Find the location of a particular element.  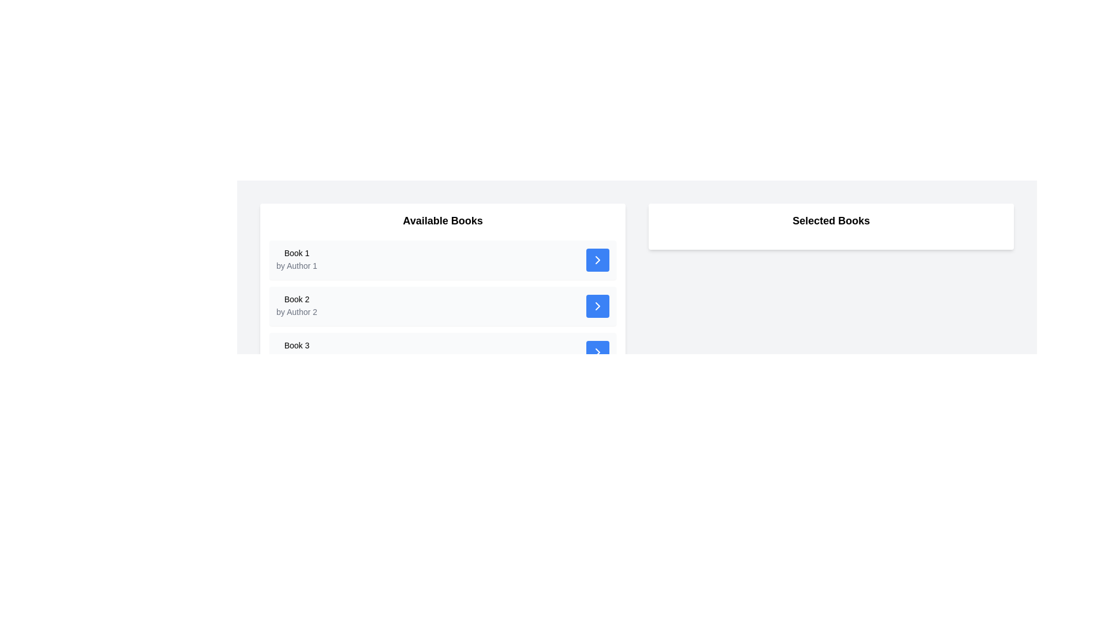

the text label displaying 'by Author 1', which is styled in gray color and located underneath the 'Book 1' title in the 'Available Books' section is located at coordinates (297, 266).